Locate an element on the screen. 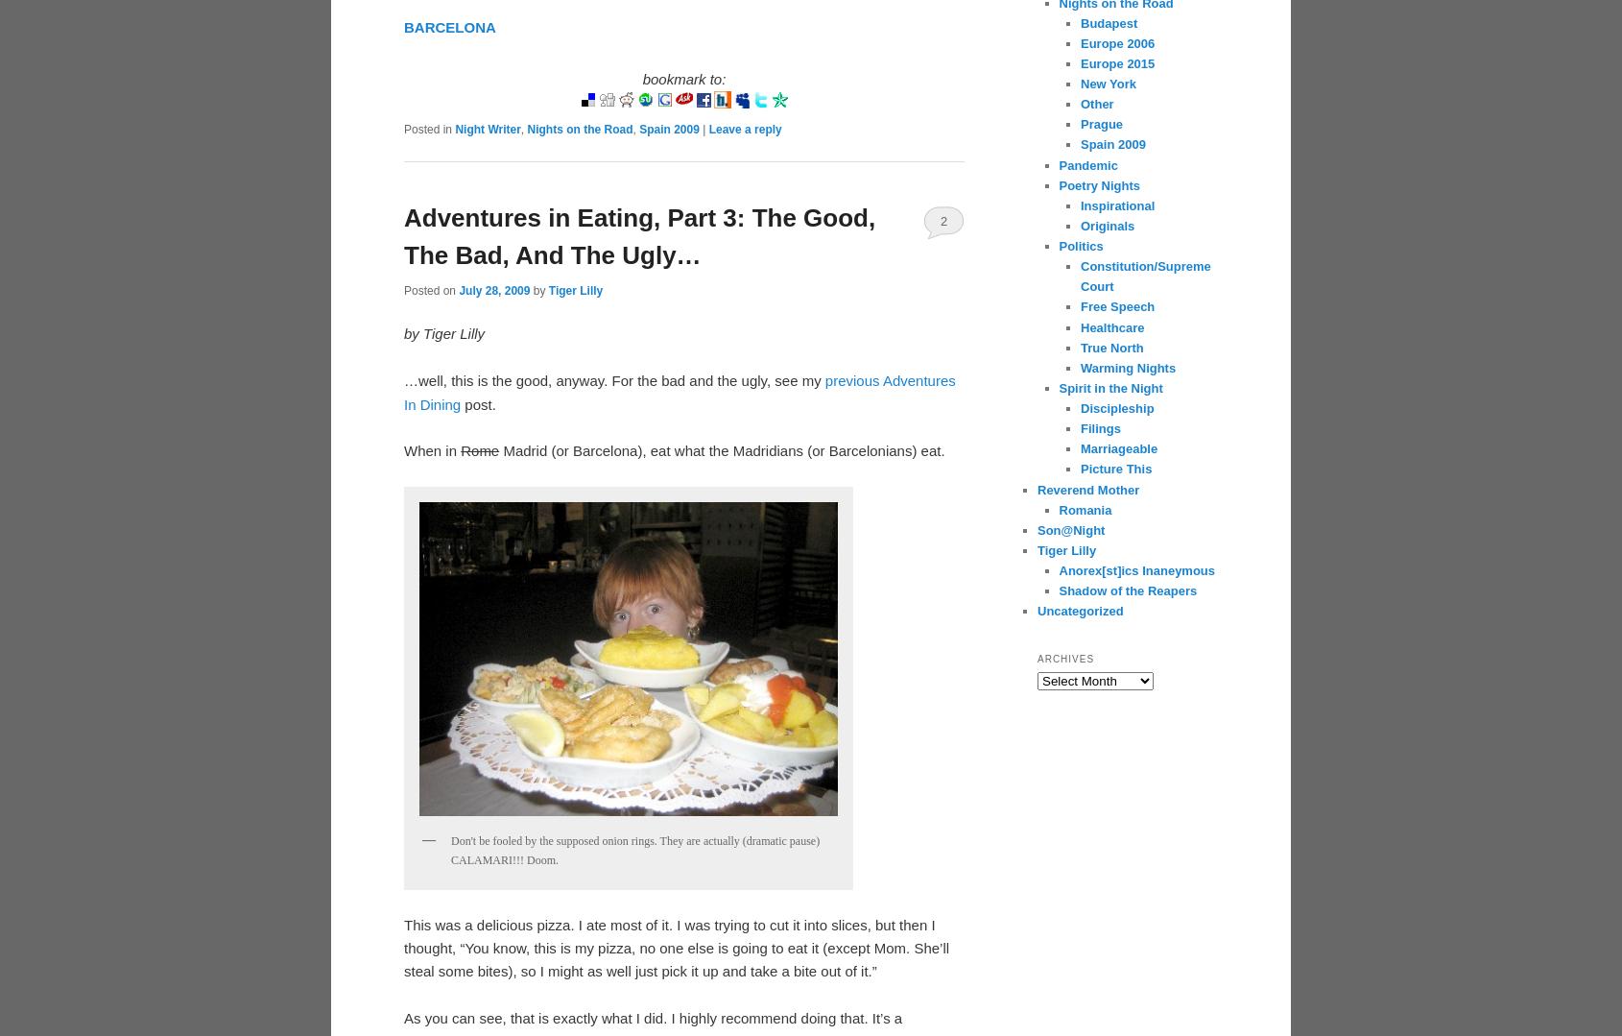  'Reverend Mother' is located at coordinates (1087, 489).